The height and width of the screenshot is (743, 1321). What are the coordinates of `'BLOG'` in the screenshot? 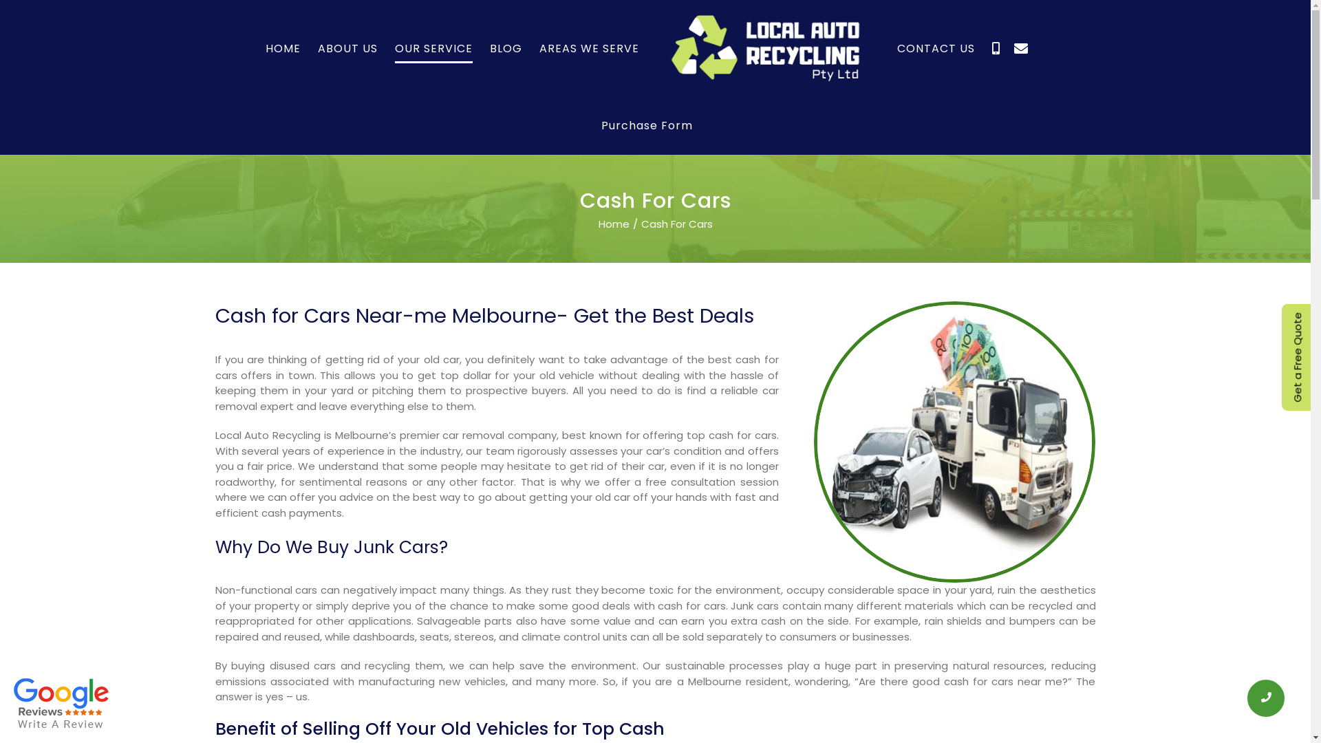 It's located at (489, 47).